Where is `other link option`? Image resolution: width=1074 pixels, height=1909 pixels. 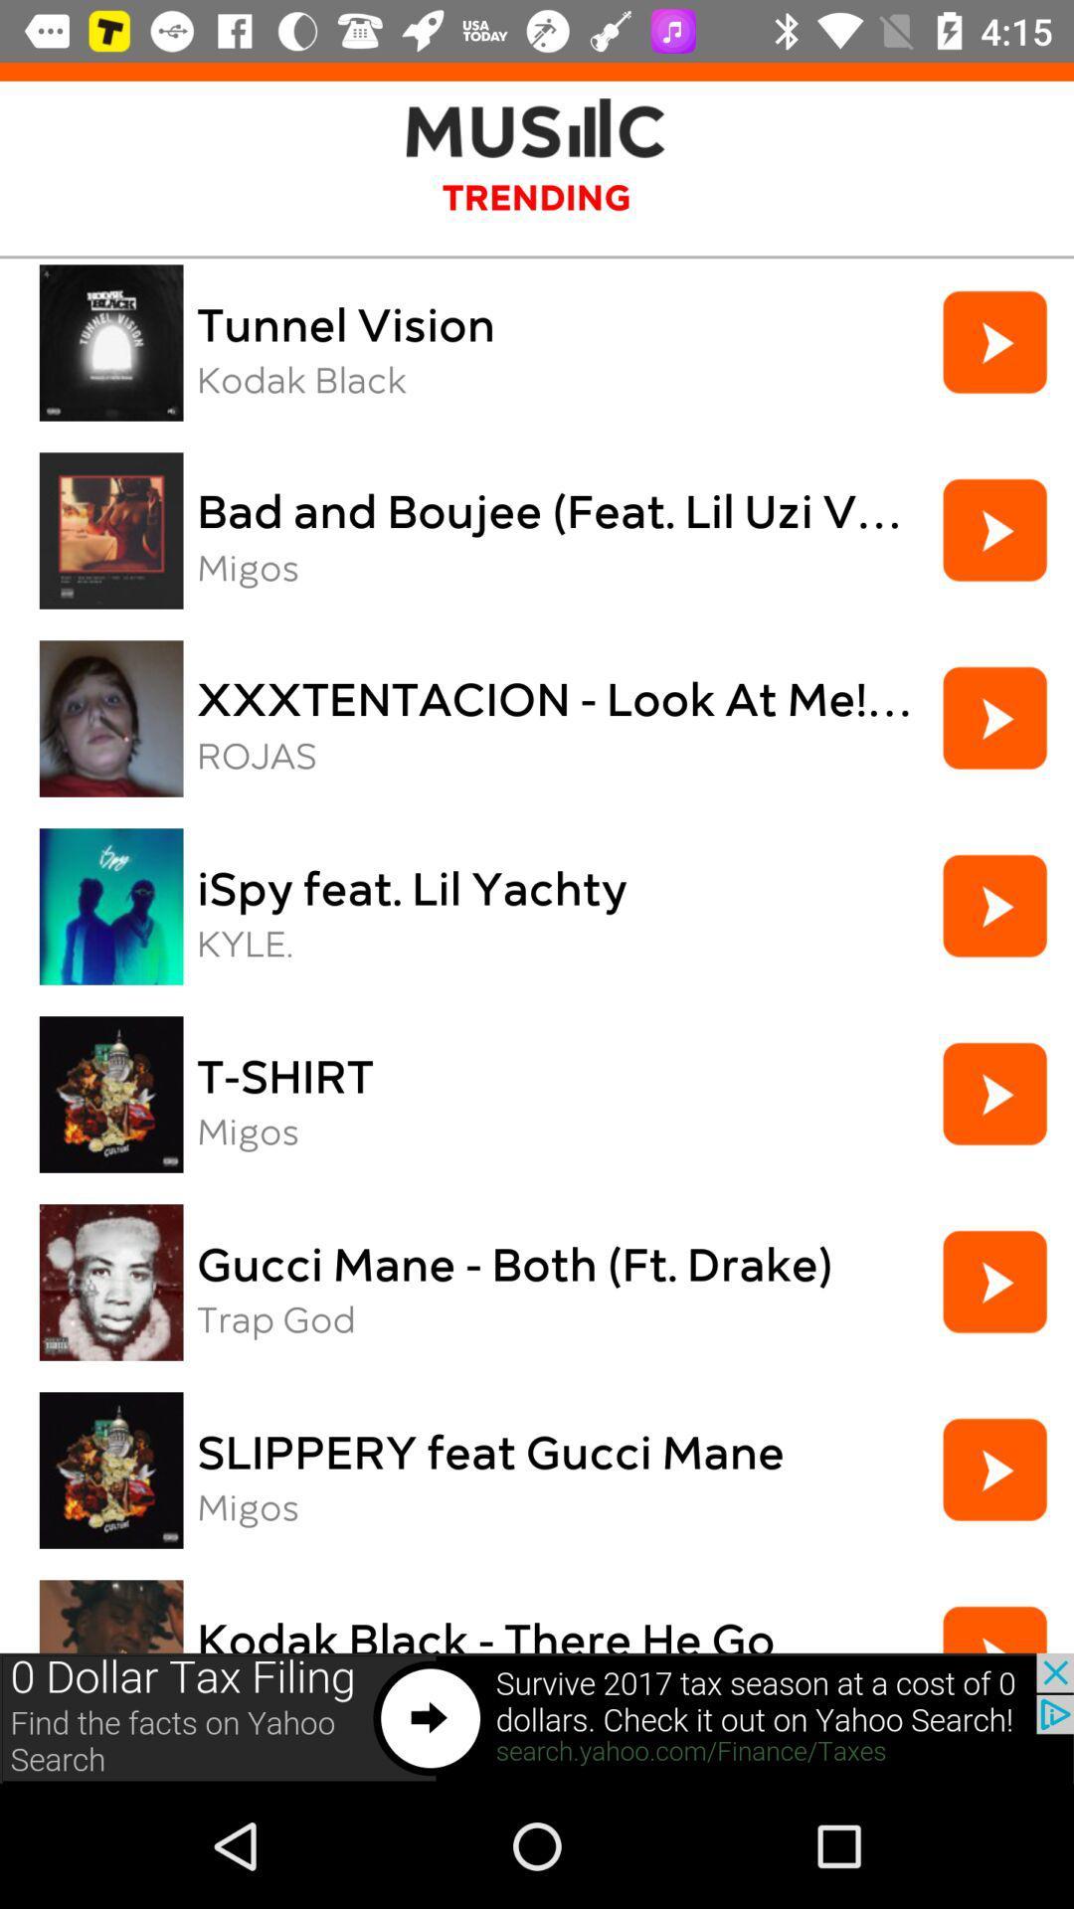
other link option is located at coordinates (537, 1717).